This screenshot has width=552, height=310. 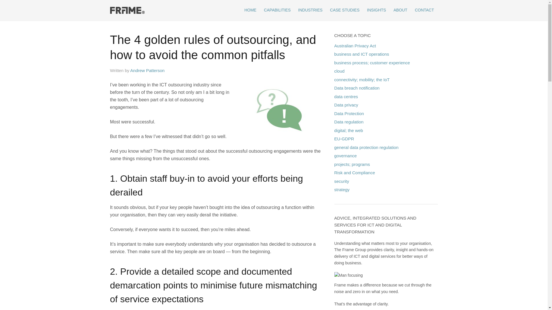 I want to click on 'general data protection regulation', so click(x=366, y=147).